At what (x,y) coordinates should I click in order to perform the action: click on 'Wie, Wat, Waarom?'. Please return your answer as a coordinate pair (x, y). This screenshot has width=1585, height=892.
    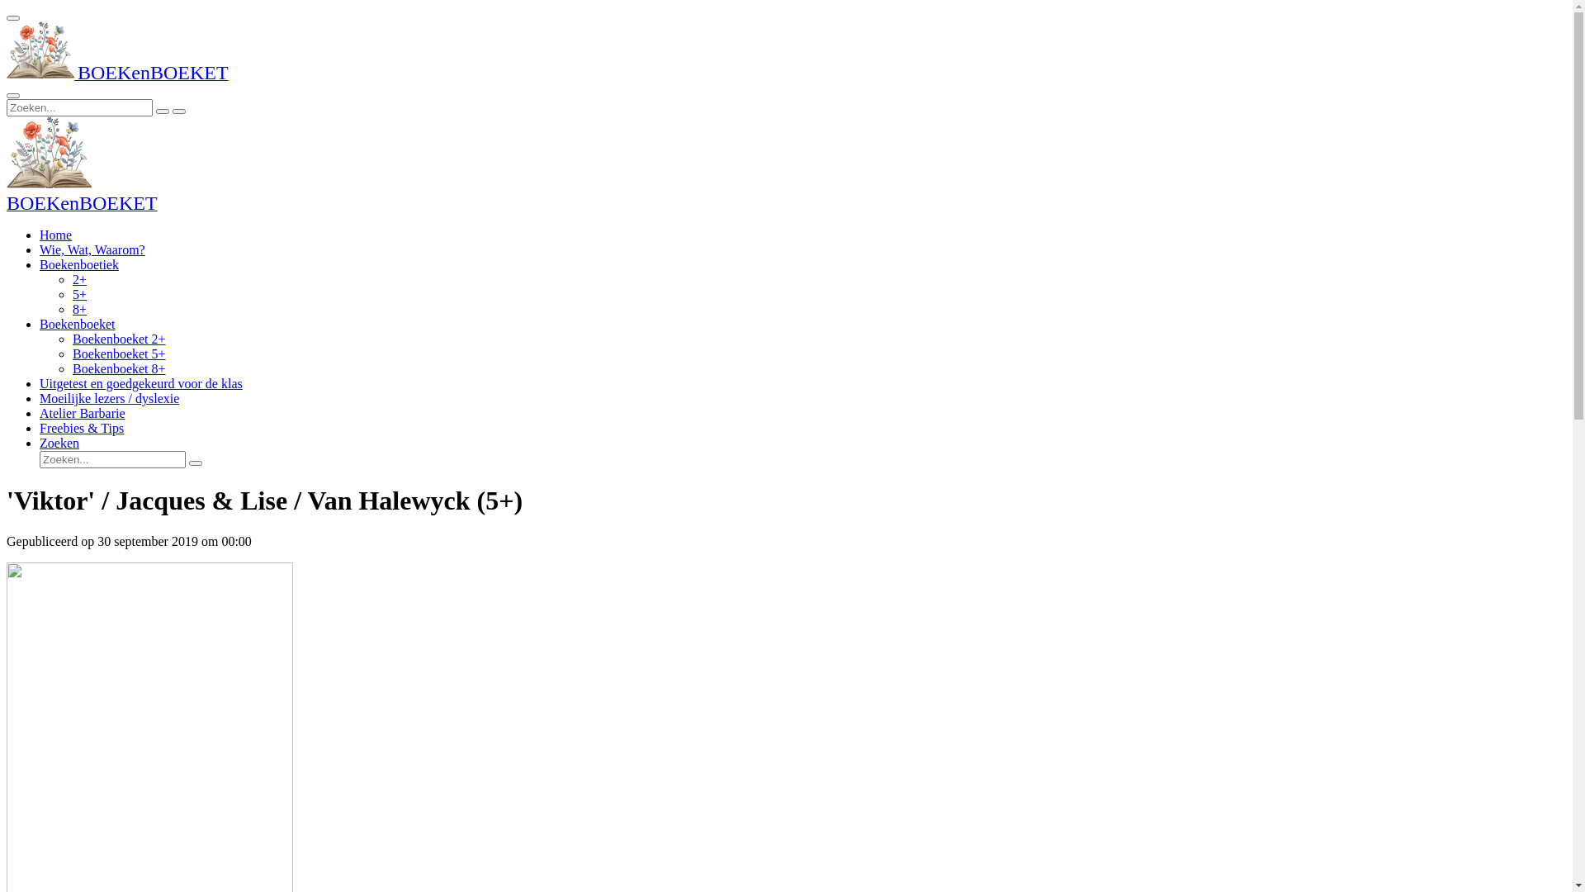
    Looking at the image, I should click on (91, 249).